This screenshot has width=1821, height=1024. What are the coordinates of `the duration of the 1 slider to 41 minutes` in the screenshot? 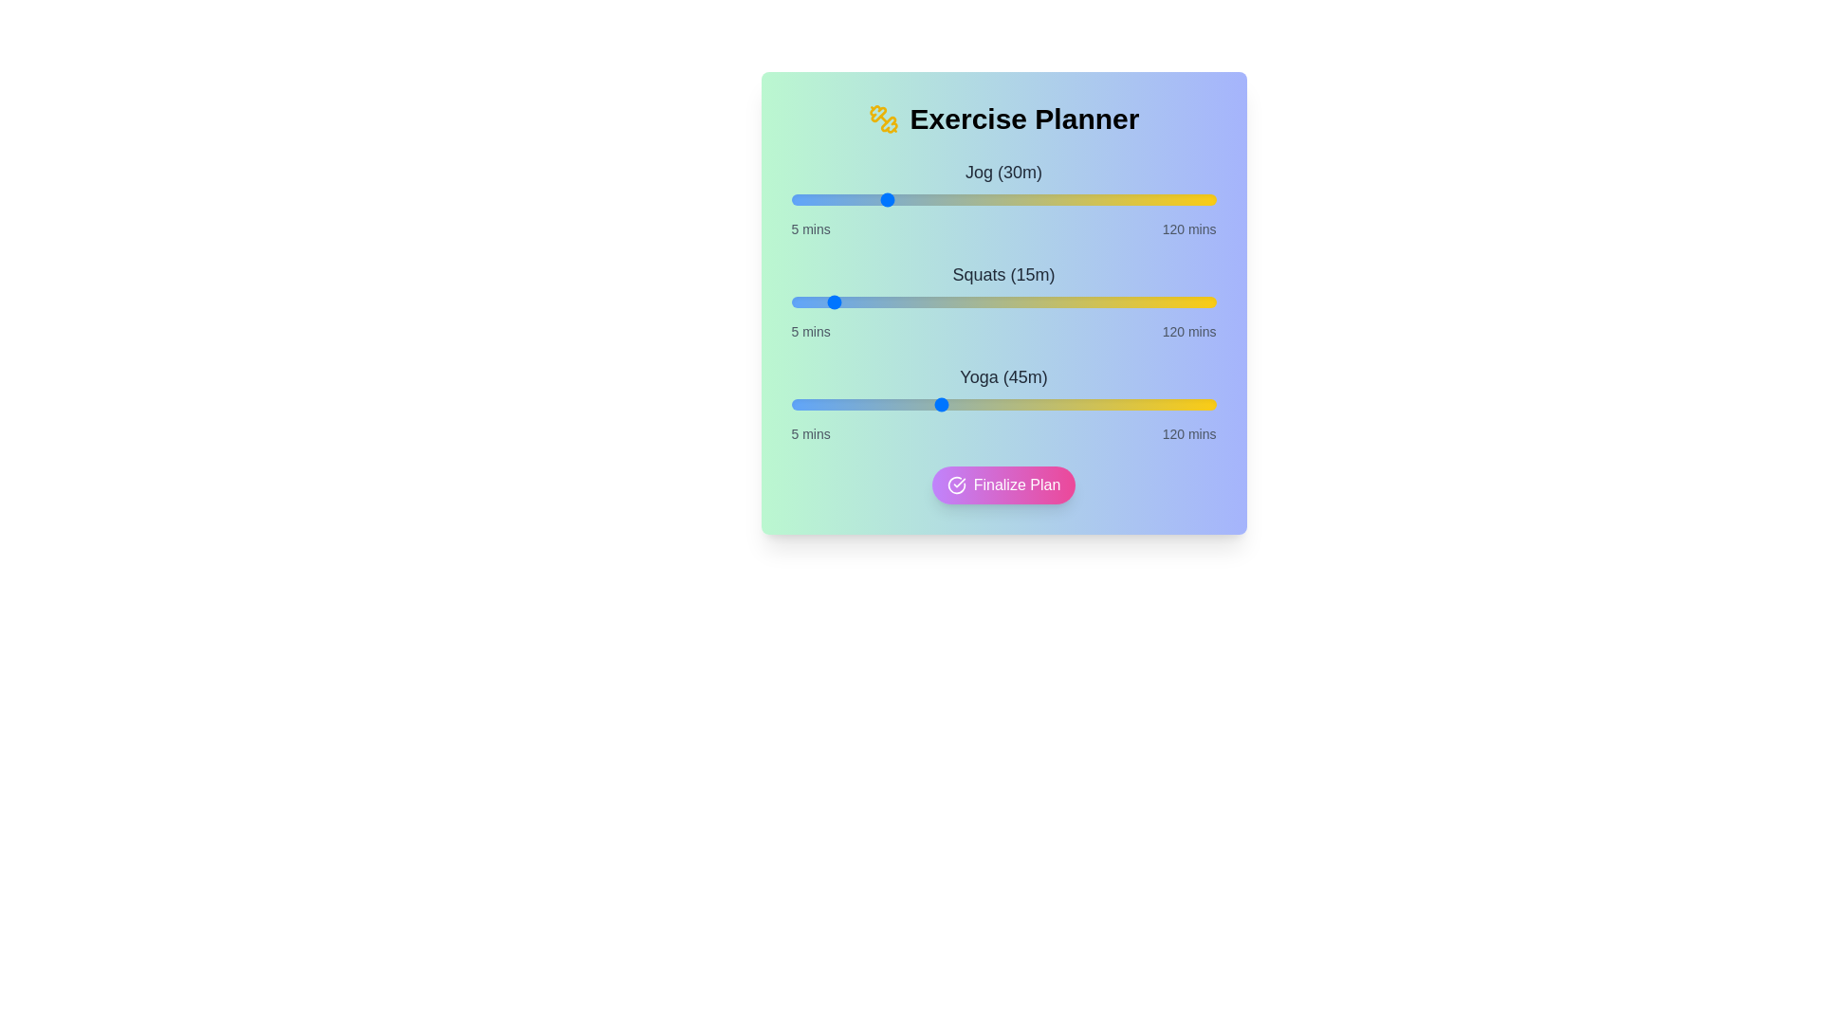 It's located at (924, 302).